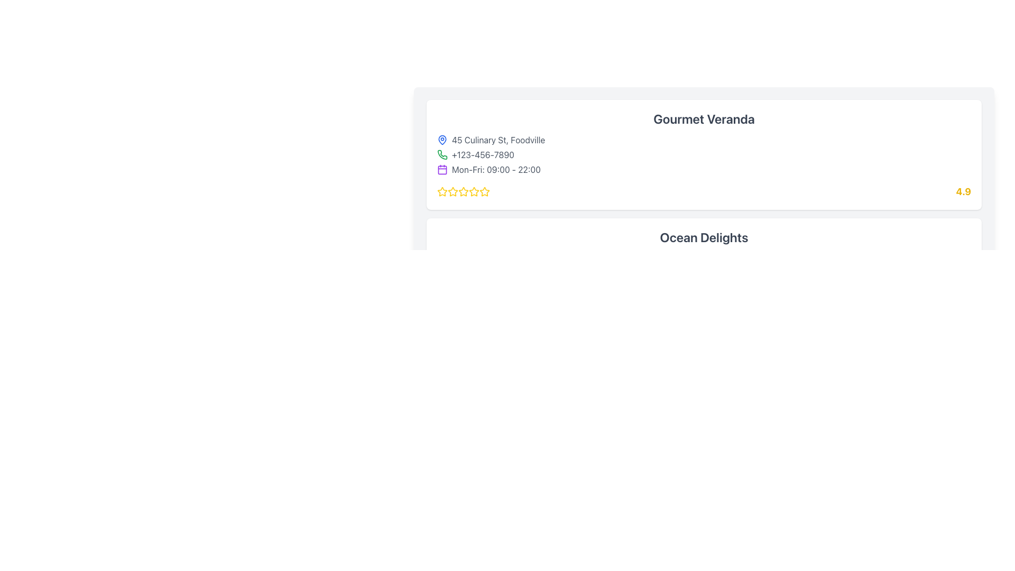 The height and width of the screenshot is (571, 1015). What do you see at coordinates (464, 191) in the screenshot?
I see `the star icon used for ratings or favorites` at bounding box center [464, 191].